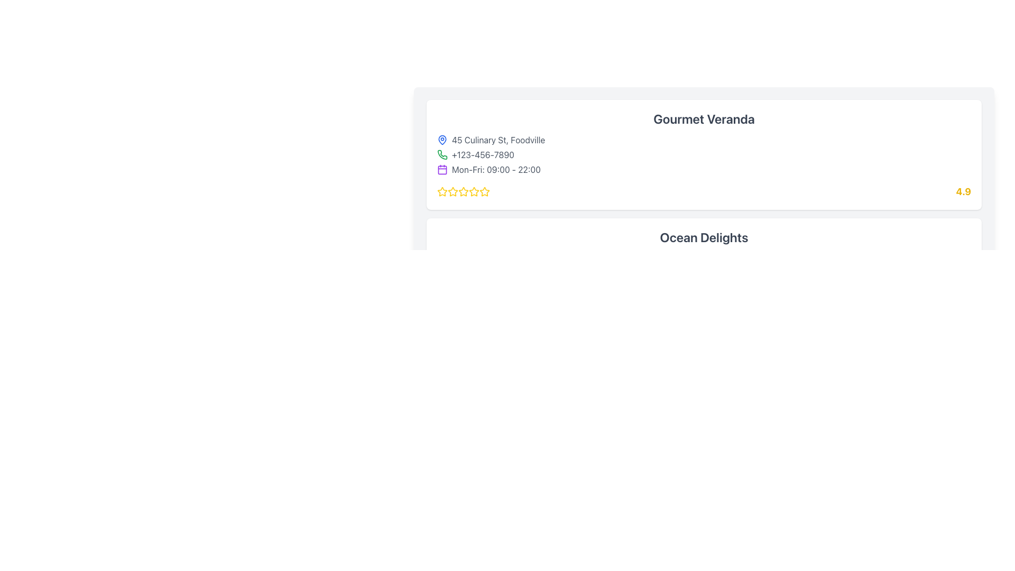 The height and width of the screenshot is (571, 1015). What do you see at coordinates (464, 191) in the screenshot?
I see `the star icon used for ratings or favorites` at bounding box center [464, 191].